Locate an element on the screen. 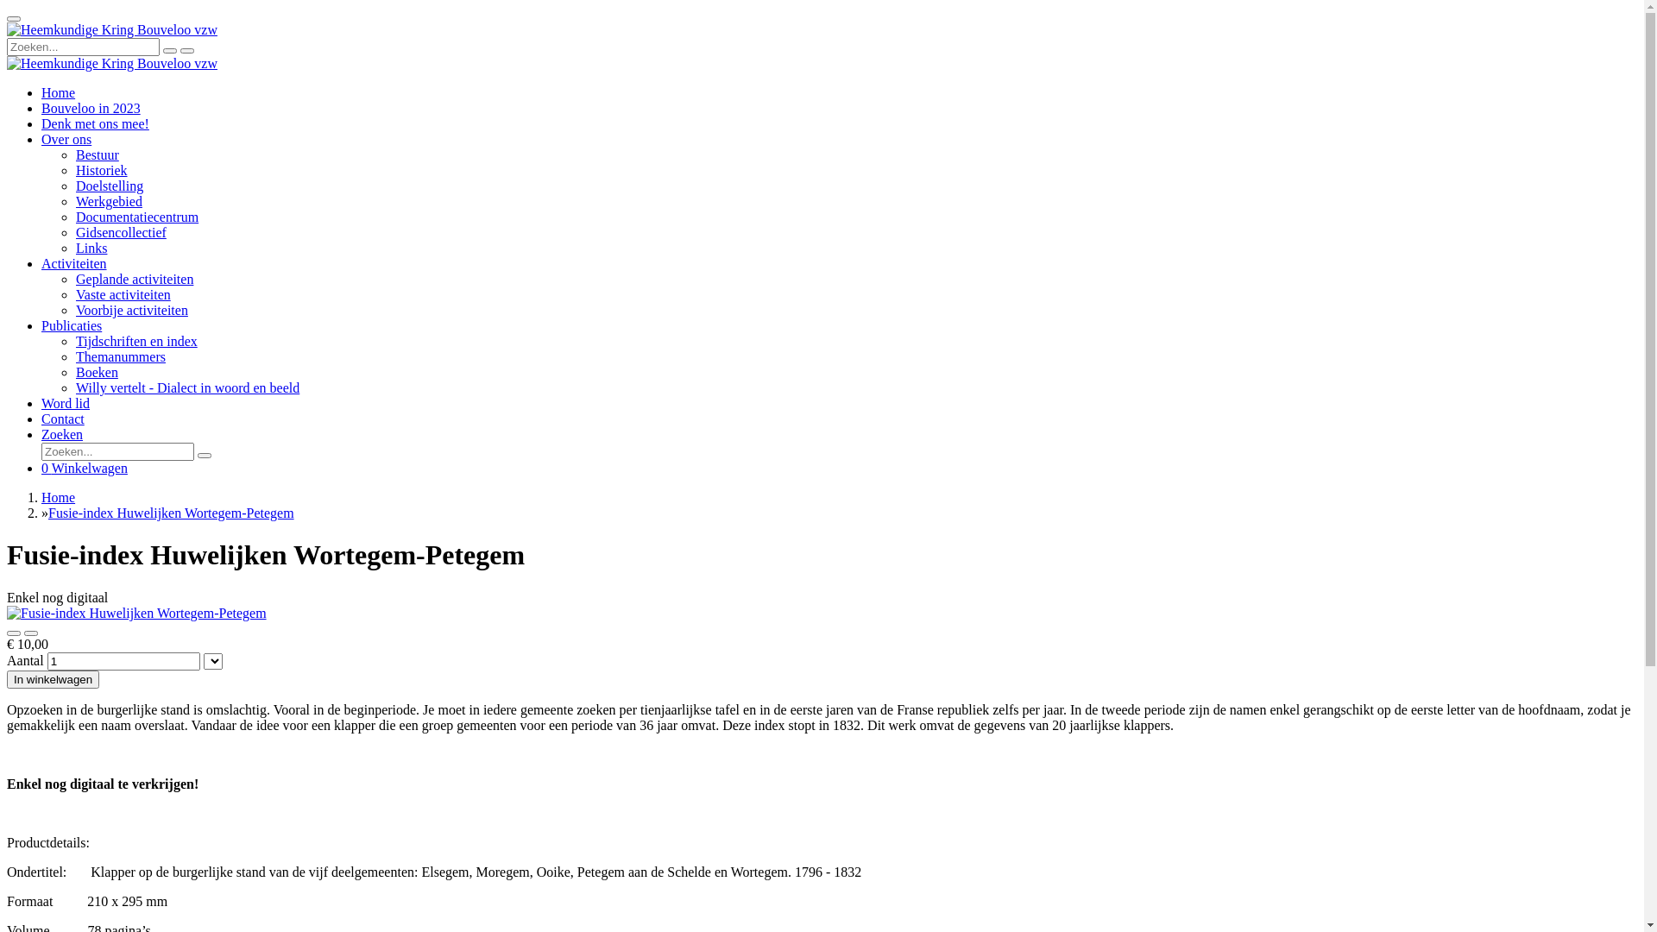  '0 Winkelwagen' is located at coordinates (41, 468).